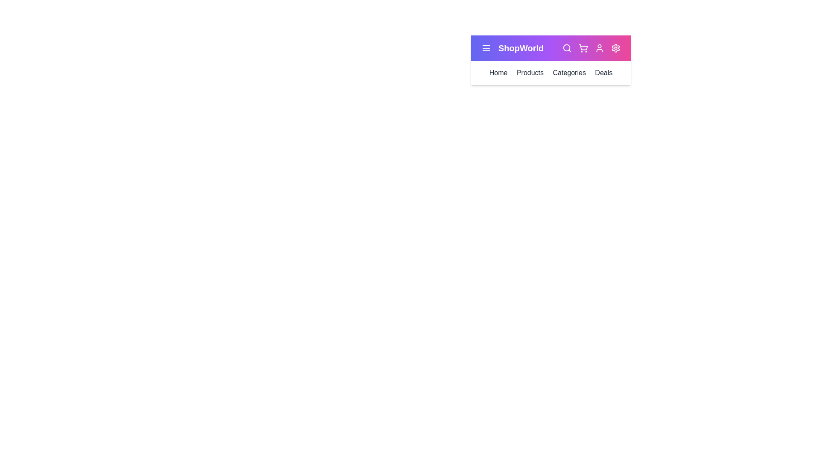 This screenshot has height=461, width=820. What do you see at coordinates (599, 48) in the screenshot?
I see `the user icon to access user-related options` at bounding box center [599, 48].